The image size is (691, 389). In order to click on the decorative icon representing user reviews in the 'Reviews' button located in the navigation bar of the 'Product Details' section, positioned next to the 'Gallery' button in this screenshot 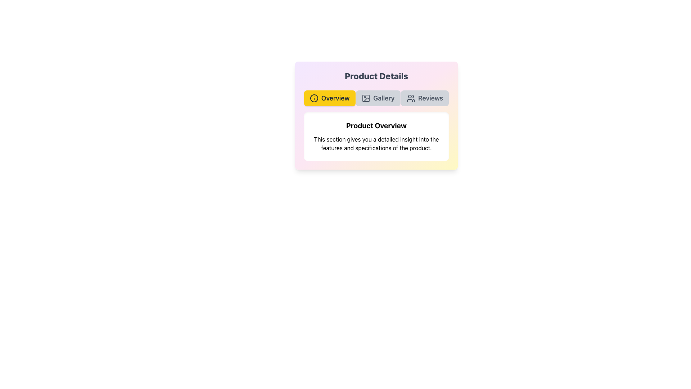, I will do `click(411, 98)`.